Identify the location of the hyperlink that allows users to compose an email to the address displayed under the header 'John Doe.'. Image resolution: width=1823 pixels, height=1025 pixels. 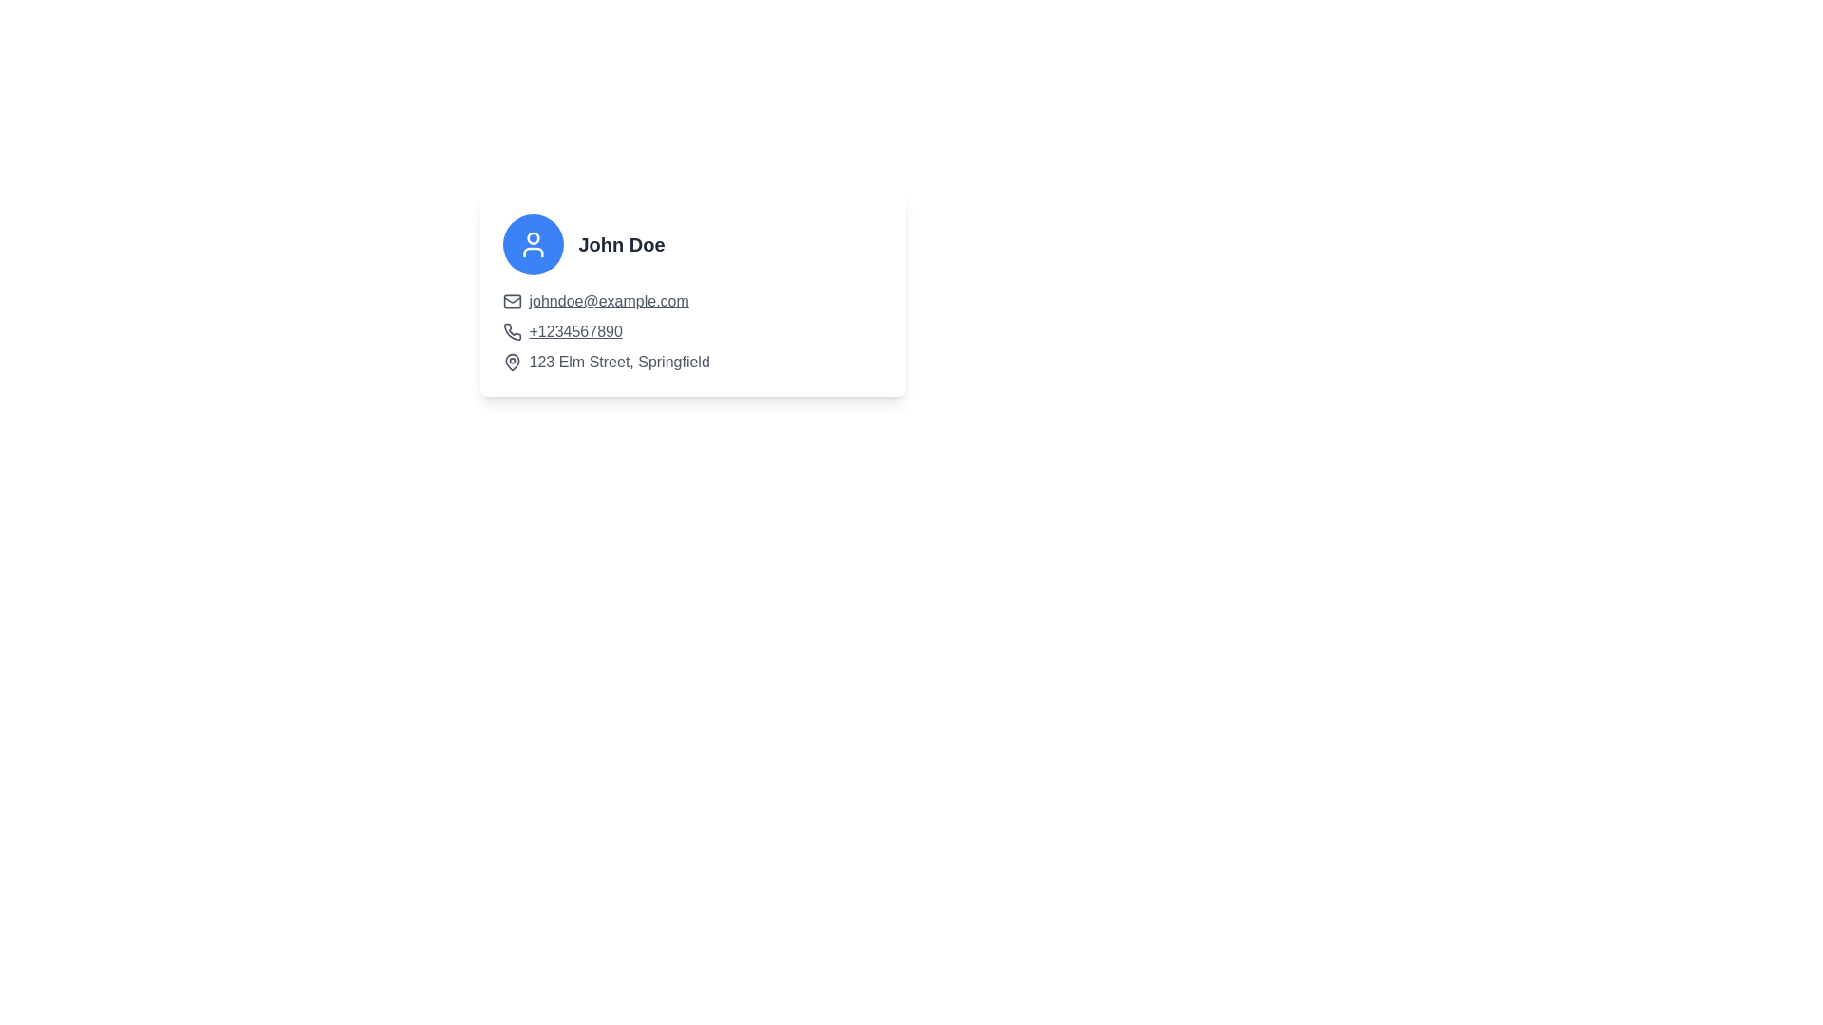
(609, 300).